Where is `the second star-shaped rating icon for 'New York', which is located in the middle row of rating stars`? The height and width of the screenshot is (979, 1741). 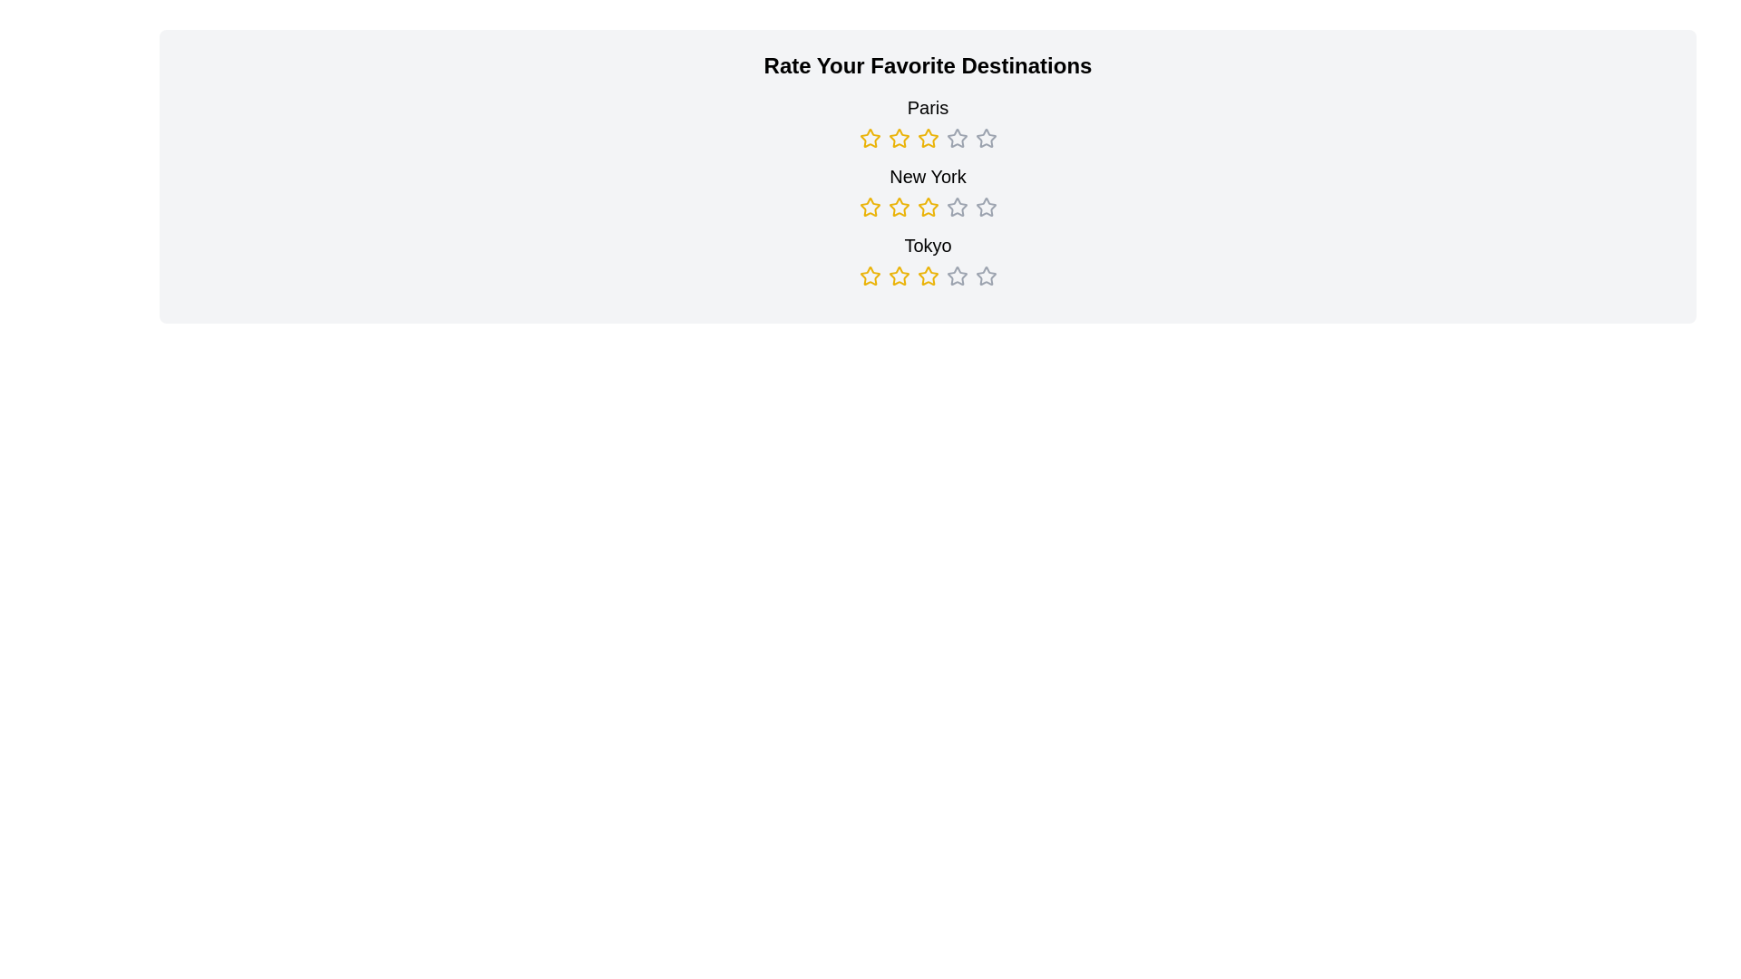 the second star-shaped rating icon for 'New York', which is located in the middle row of rating stars is located at coordinates (869, 206).